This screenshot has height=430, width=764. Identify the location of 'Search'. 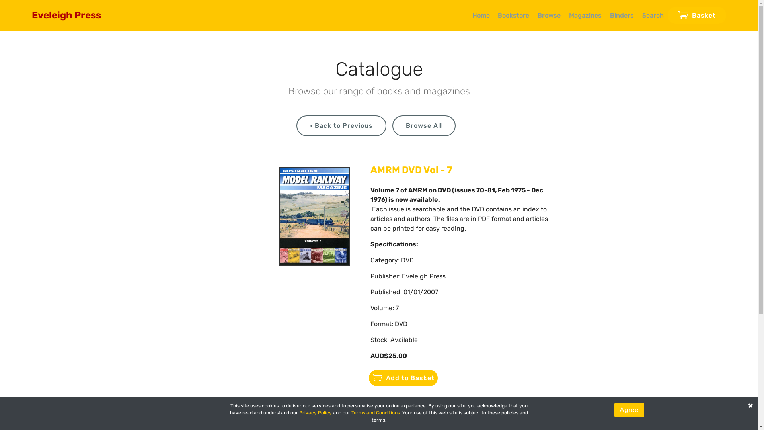
(653, 15).